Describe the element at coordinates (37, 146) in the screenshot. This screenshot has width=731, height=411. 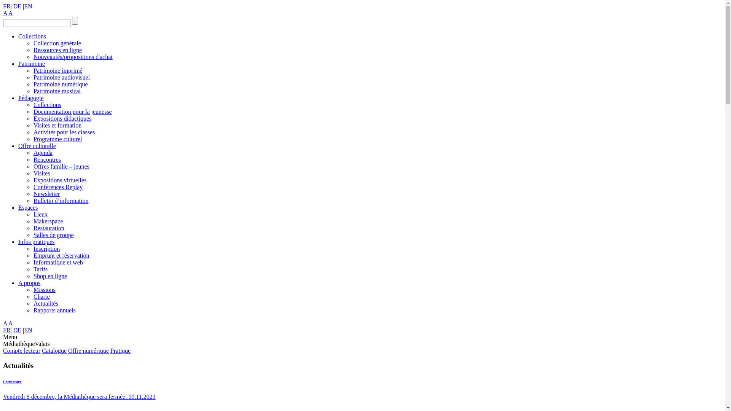
I see `'Offre culturelle'` at that location.